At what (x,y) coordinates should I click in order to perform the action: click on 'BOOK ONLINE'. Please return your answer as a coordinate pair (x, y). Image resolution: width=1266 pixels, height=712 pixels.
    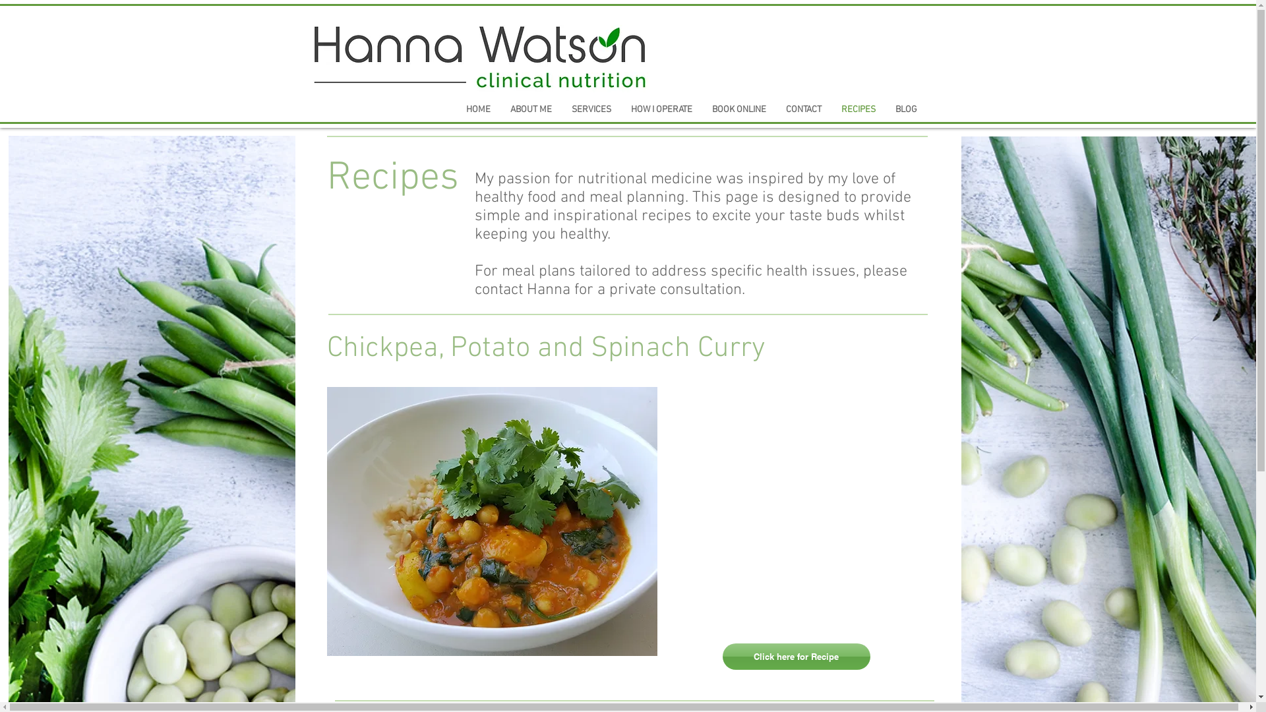
    Looking at the image, I should click on (737, 109).